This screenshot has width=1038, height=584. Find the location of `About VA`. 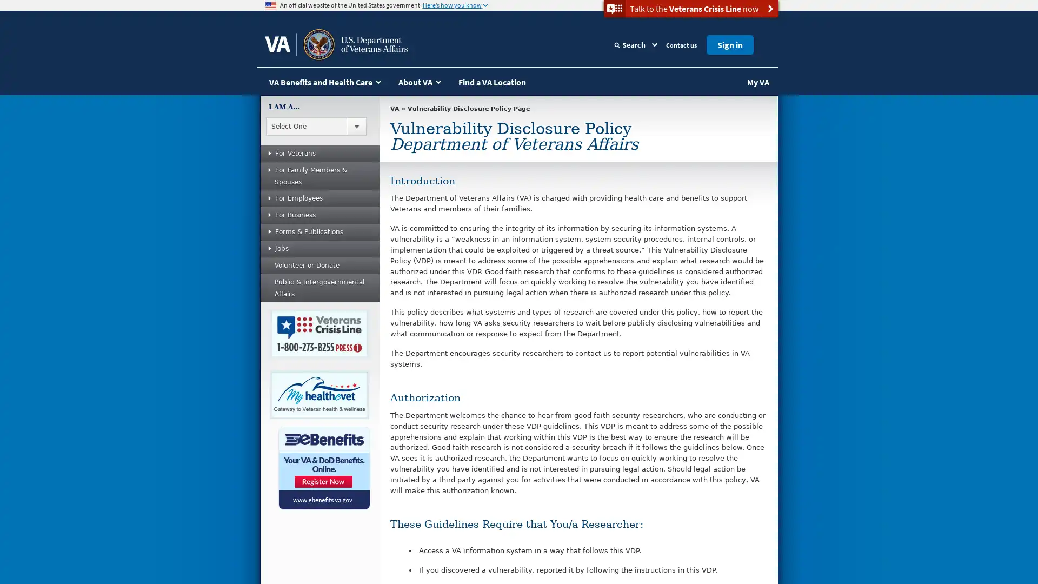

About VA is located at coordinates (418, 80).